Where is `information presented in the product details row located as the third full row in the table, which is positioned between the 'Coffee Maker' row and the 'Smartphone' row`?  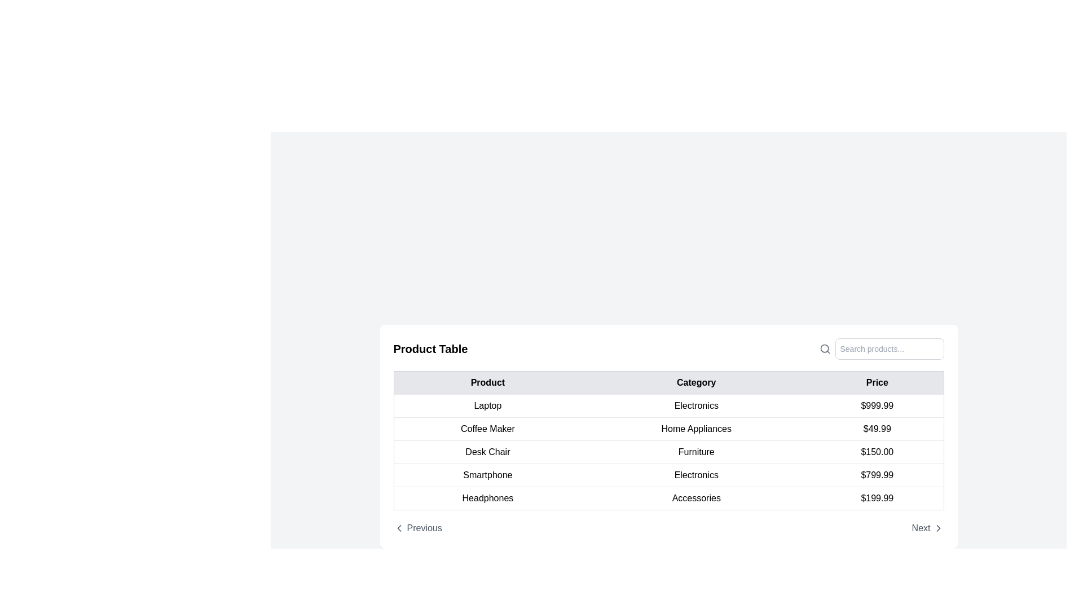
information presented in the product details row located as the third full row in the table, which is positioned between the 'Coffee Maker' row and the 'Smartphone' row is located at coordinates (668, 451).